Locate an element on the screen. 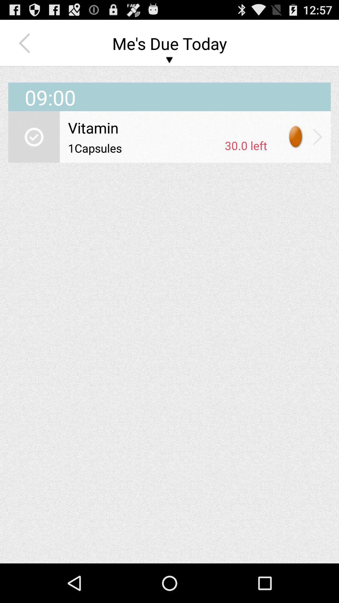 The height and width of the screenshot is (603, 339). the icon next to 30.0 left app is located at coordinates (144, 148).